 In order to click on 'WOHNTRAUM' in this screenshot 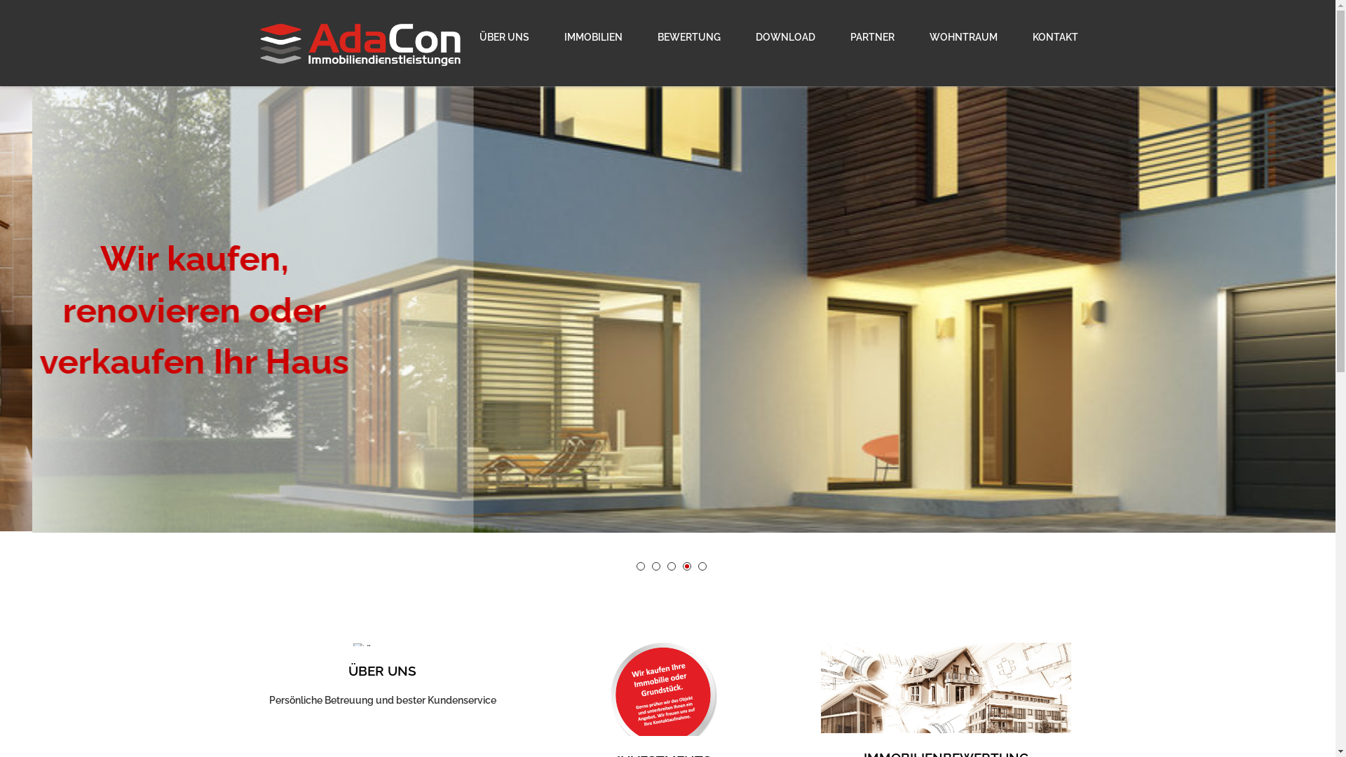, I will do `click(912, 36)`.